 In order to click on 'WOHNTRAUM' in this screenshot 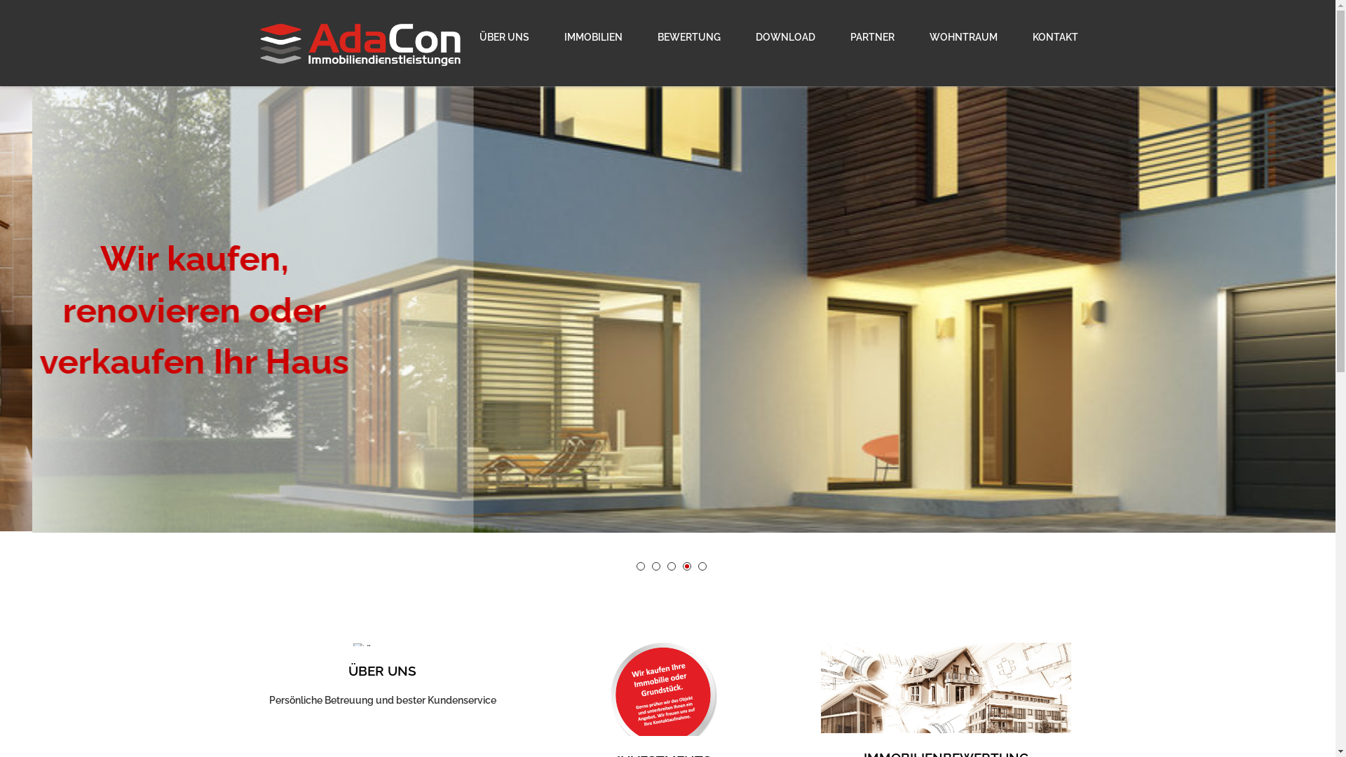, I will do `click(912, 36)`.